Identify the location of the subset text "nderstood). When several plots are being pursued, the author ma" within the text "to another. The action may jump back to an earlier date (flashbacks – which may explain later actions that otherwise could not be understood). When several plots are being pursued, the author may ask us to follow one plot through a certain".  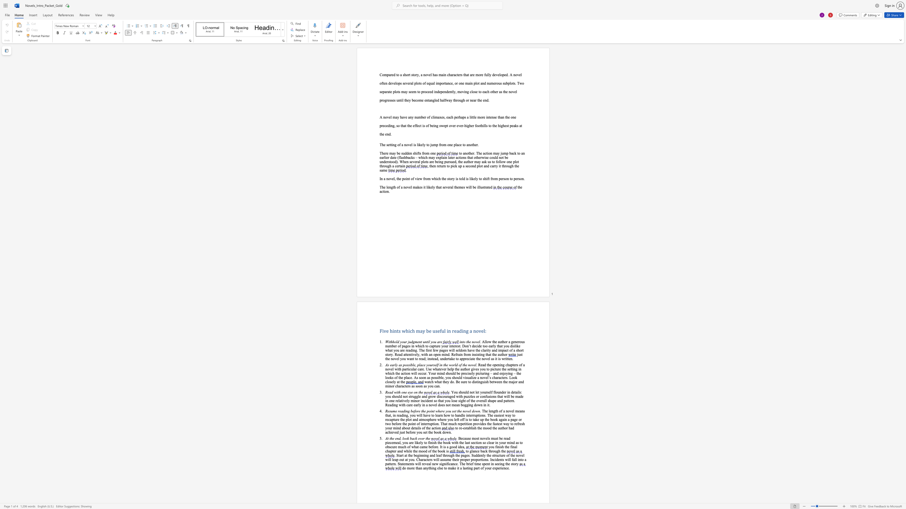
(381, 161).